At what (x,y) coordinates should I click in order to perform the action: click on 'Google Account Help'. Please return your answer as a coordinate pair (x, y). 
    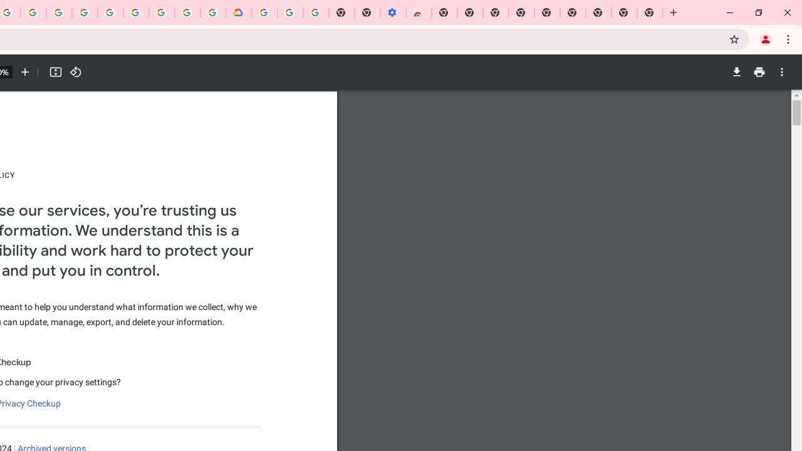
    Looking at the image, I should click on (289, 13).